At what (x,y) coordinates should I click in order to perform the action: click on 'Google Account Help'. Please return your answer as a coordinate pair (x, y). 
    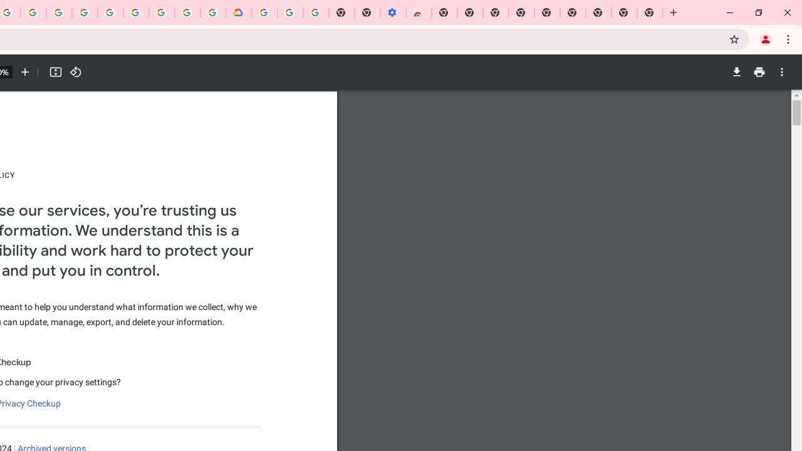
    Looking at the image, I should click on (289, 13).